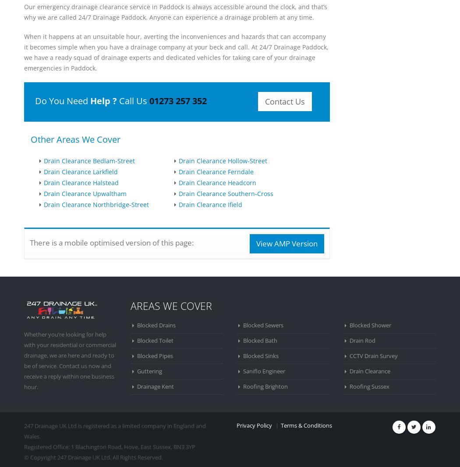 The width and height of the screenshot is (460, 467). Describe the element at coordinates (210, 204) in the screenshot. I see `'Drain Clearance Ifield'` at that location.